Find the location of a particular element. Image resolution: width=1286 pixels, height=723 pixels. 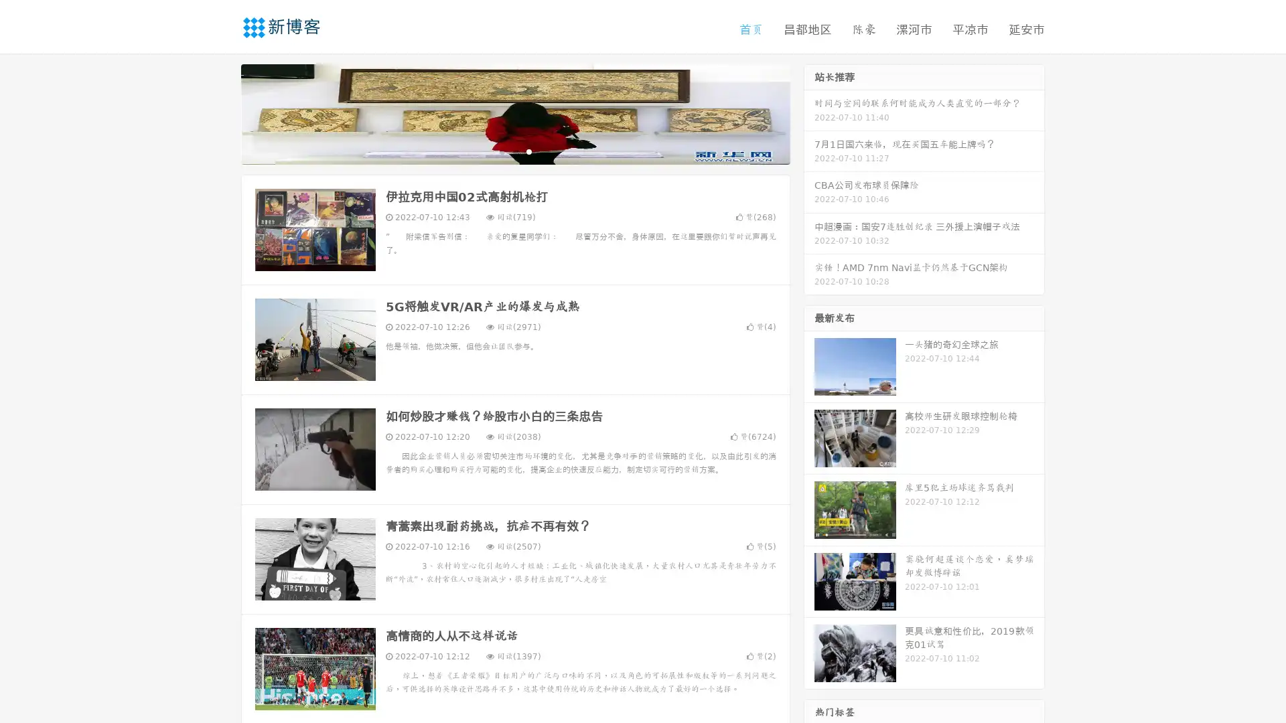

Go to slide 3 is located at coordinates (528, 151).